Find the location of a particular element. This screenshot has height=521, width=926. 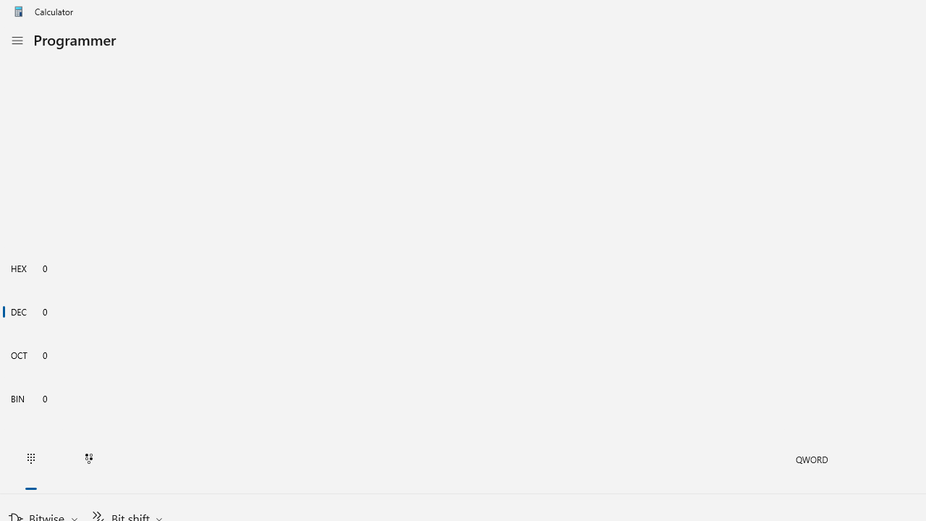

'Bit toggling keypad' is located at coordinates (88, 459).